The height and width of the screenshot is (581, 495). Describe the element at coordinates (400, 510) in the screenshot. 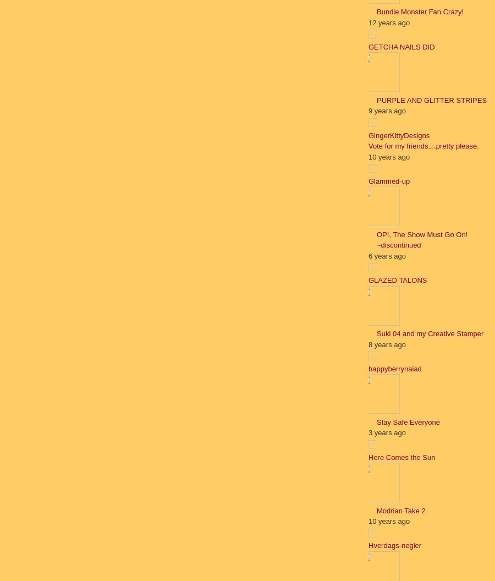

I see `'Modrian Take 2'` at that location.